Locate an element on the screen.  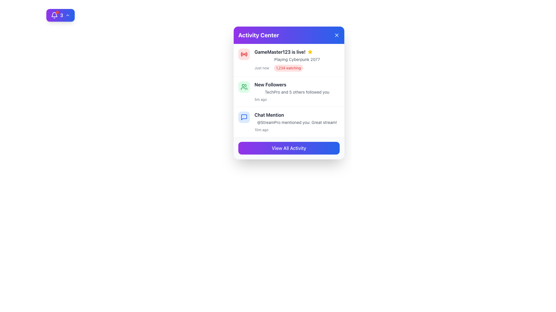
the text label that reads '@StreamPro mentioned you: Great stream!' located in the 'Activity Center' dropdown panel under the 'Chat Mention' section is located at coordinates (297, 122).